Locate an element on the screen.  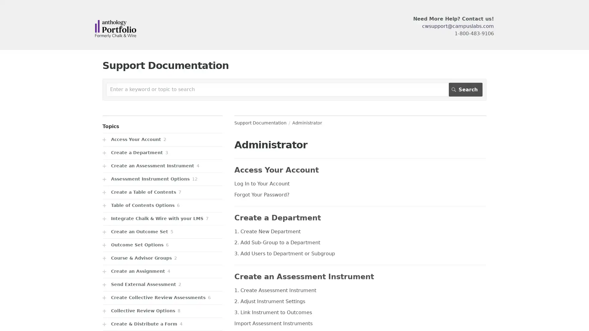
Create a Department 3 is located at coordinates (162, 152).